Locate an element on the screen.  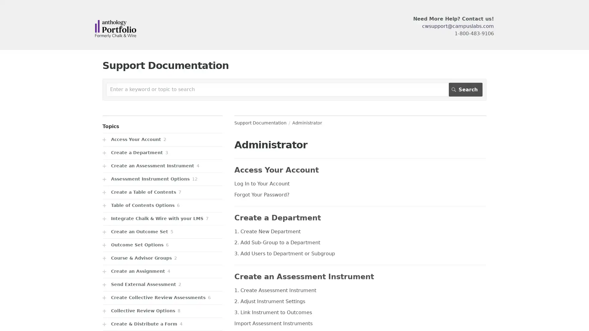
Create a Department 3 is located at coordinates (162, 152).